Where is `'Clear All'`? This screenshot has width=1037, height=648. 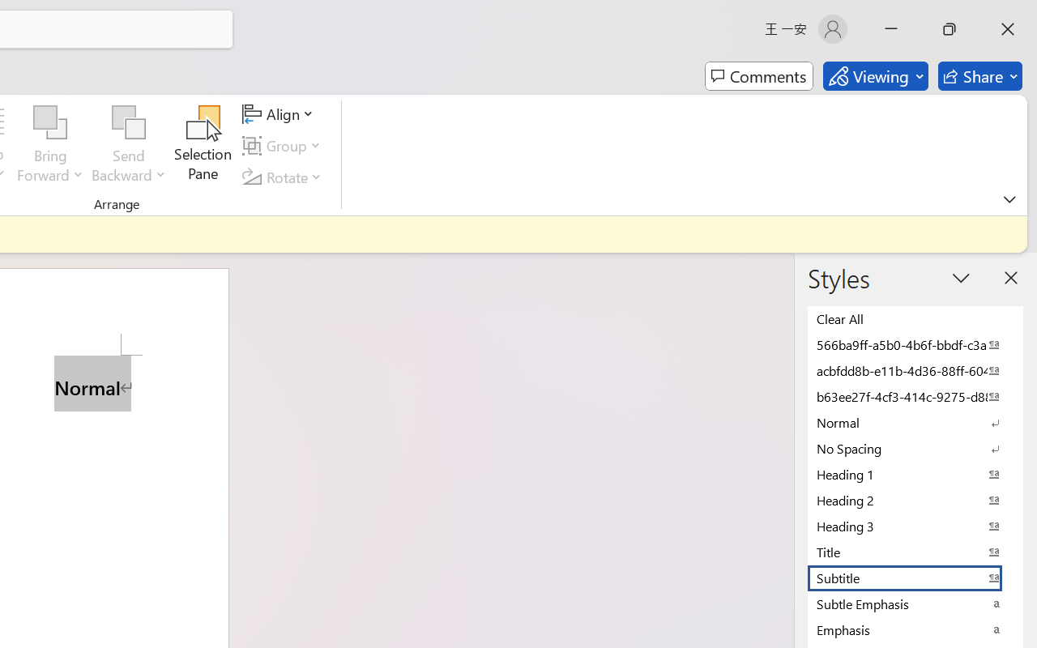 'Clear All' is located at coordinates (915, 318).